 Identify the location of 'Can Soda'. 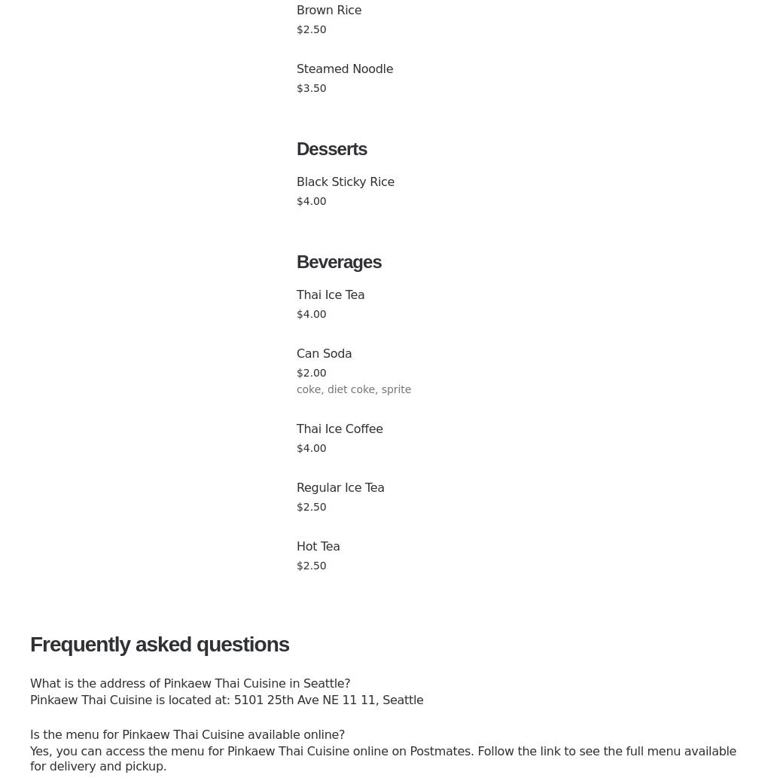
(324, 352).